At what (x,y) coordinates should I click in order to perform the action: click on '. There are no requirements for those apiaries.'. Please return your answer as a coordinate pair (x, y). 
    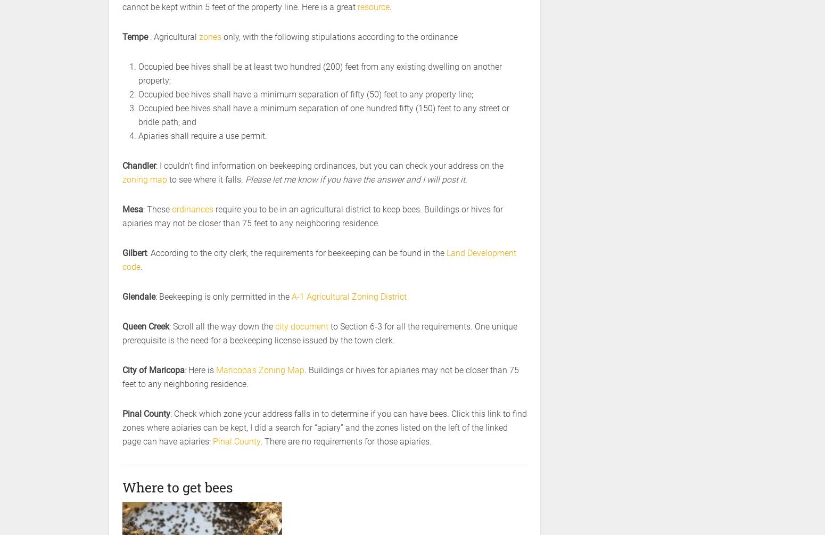
    Looking at the image, I should click on (345, 441).